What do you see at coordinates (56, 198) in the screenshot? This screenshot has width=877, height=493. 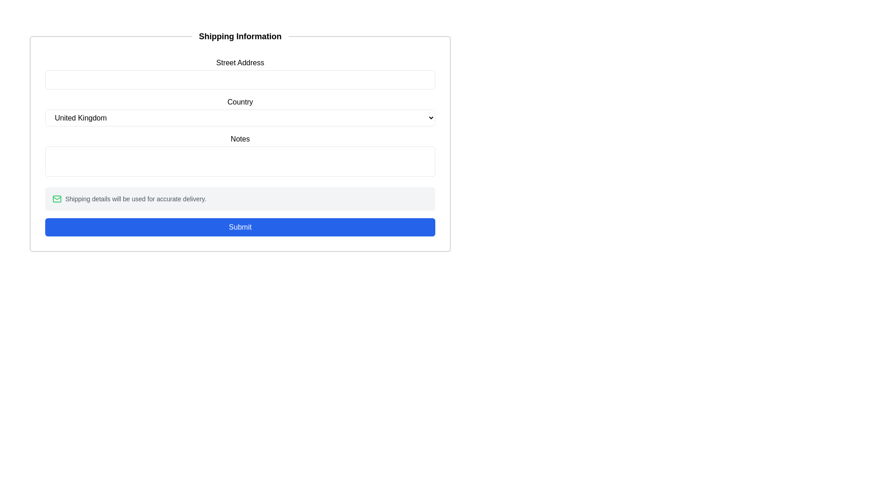 I see `the green triangular bottom flap of the envelope graphic, which is centrally positioned within the envelope's bounding box` at bounding box center [56, 198].